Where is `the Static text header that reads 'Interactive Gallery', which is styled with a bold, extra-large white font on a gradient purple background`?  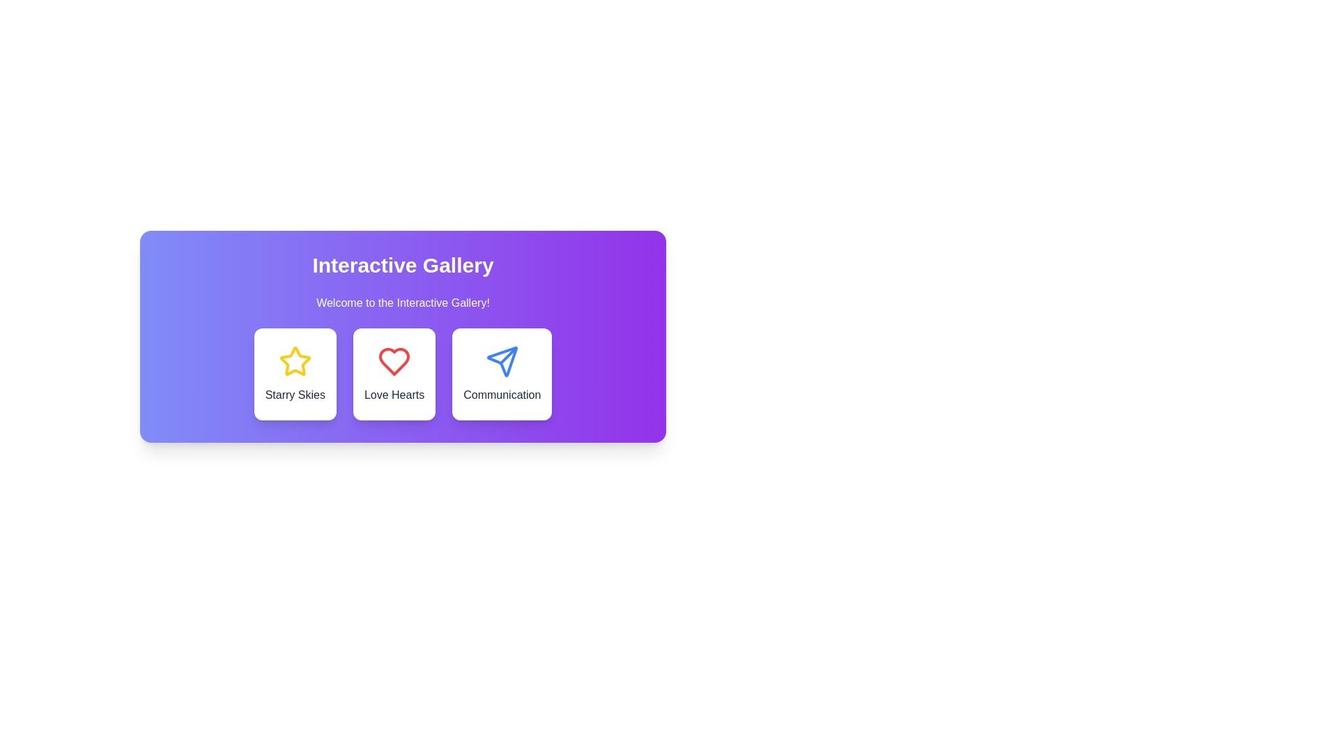 the Static text header that reads 'Interactive Gallery', which is styled with a bold, extra-large white font on a gradient purple background is located at coordinates (402, 266).